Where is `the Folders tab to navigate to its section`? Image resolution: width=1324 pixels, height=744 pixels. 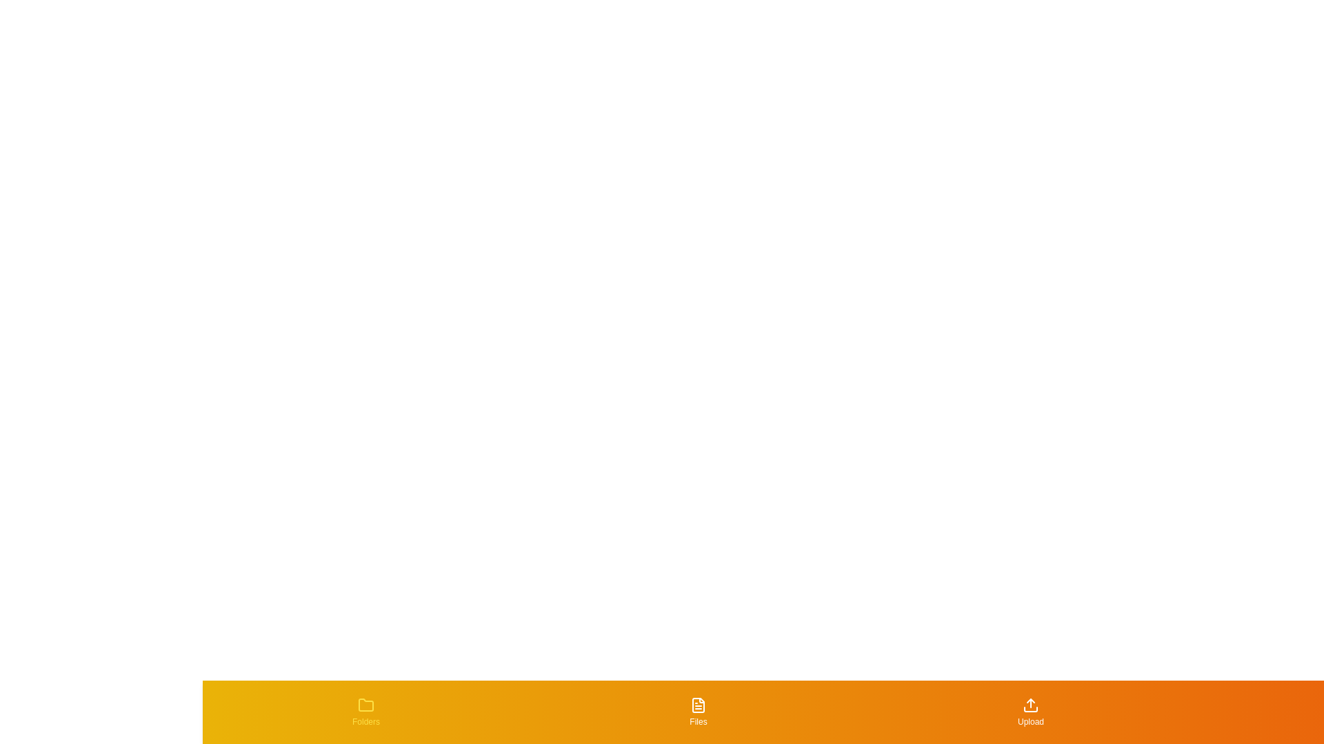
the Folders tab to navigate to its section is located at coordinates (366, 712).